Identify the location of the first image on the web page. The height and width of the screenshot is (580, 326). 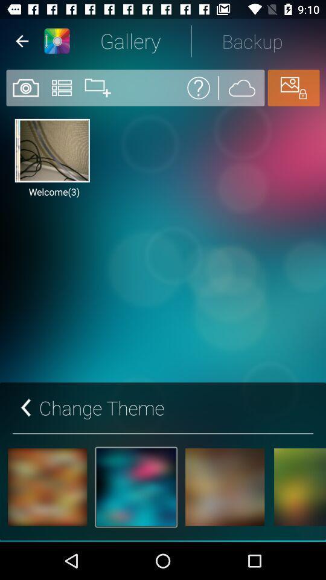
(51, 150).